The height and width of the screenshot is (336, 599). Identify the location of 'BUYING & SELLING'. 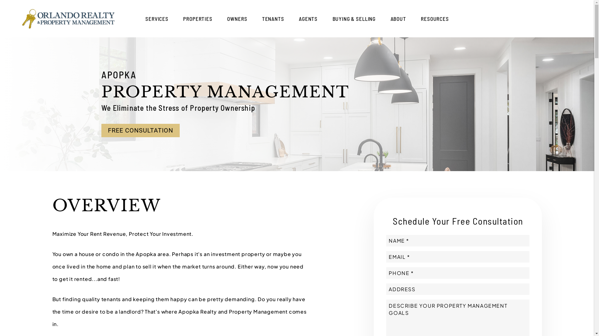
(354, 18).